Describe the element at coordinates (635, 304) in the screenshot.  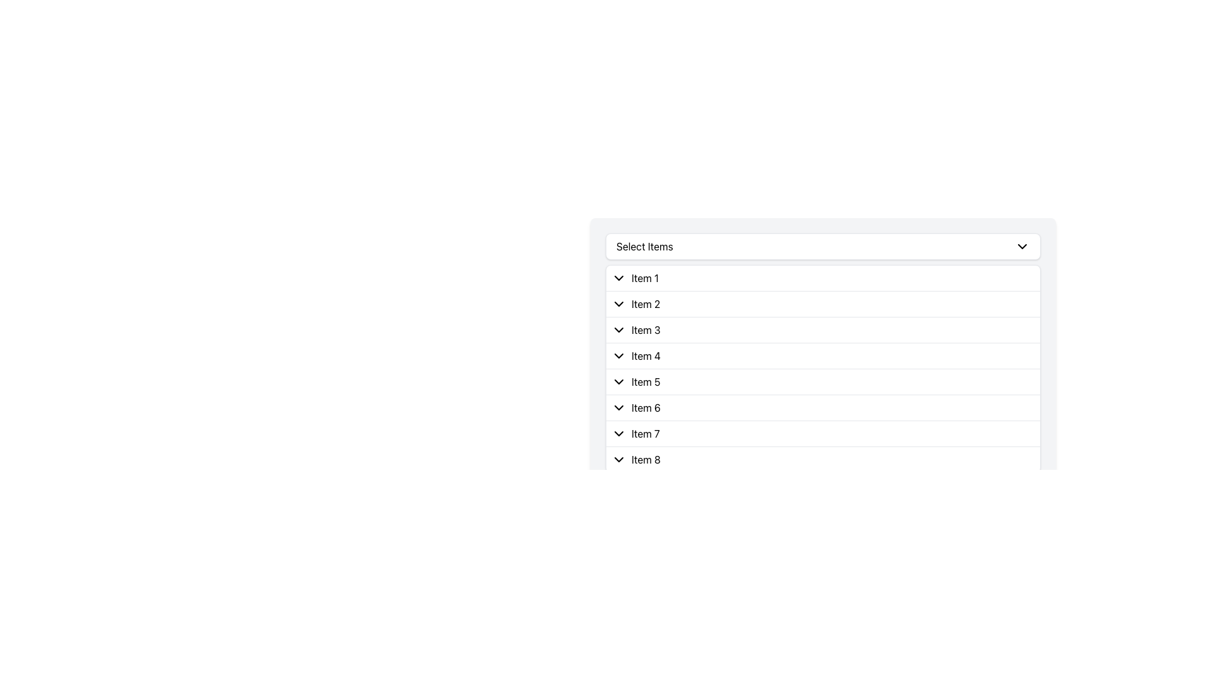
I see `the Dropdown menu item labeled 'Item 2'` at that location.